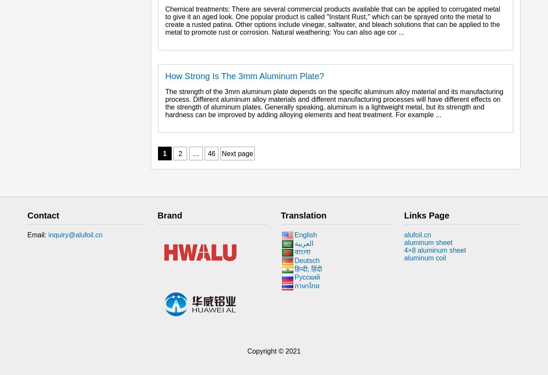 Image resolution: width=548 pixels, height=375 pixels. What do you see at coordinates (295, 260) in the screenshot?
I see `'Deutsch'` at bounding box center [295, 260].